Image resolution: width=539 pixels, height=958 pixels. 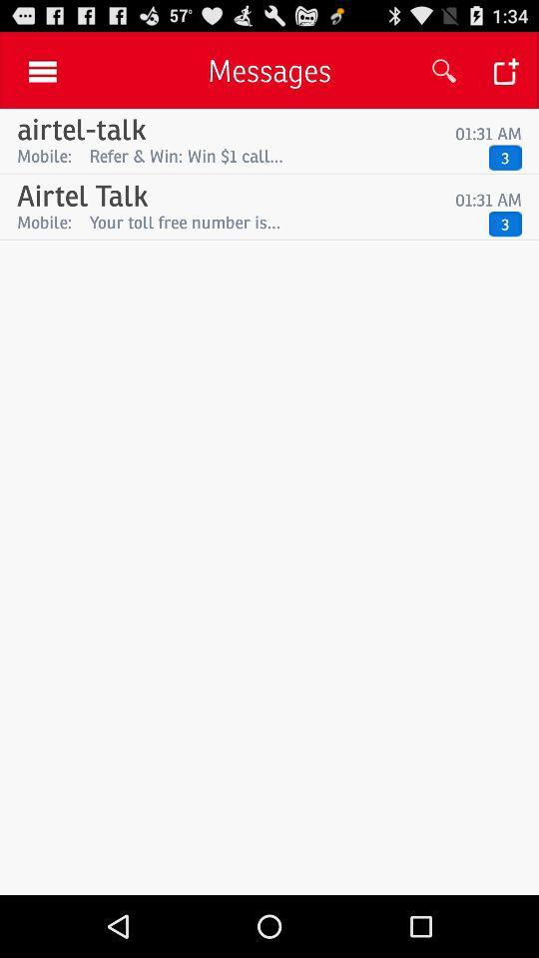 I want to click on the app next to messages app, so click(x=444, y=71).